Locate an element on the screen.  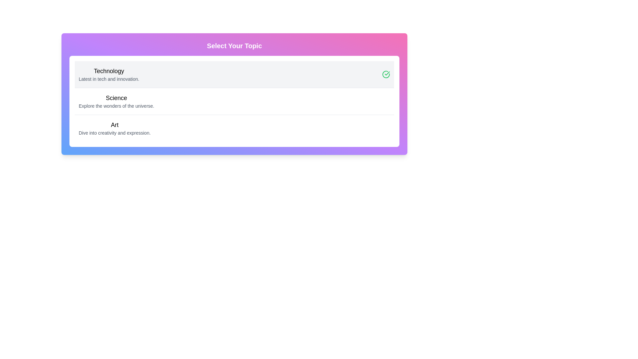
the selected state icon for the 'Technology' topic located on the right-hand side of the first card labeled 'Technology' with the subtitle 'Latest in tech and innovation.' is located at coordinates (386, 74).